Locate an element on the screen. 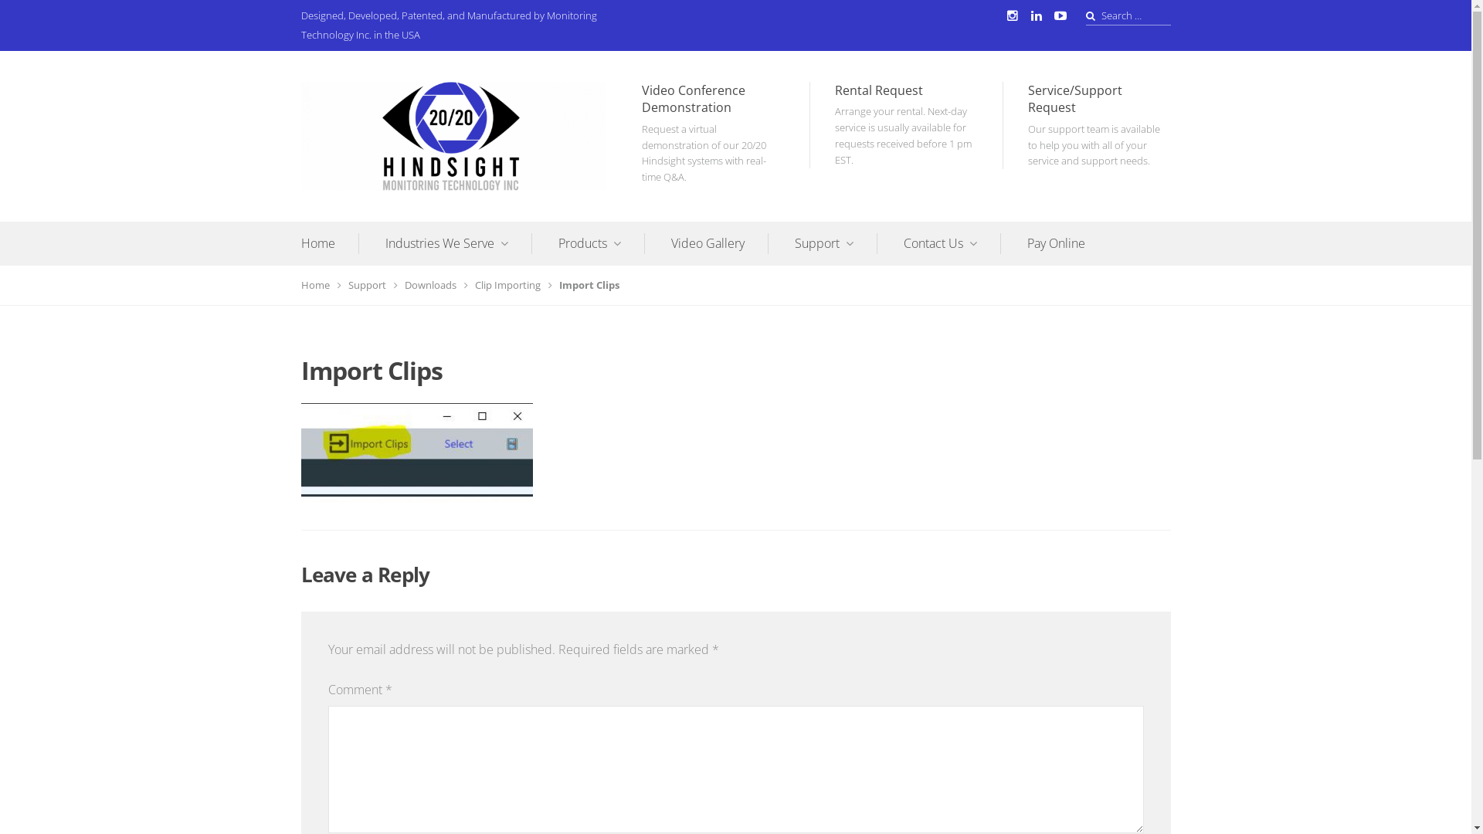  'Industries We Serve' is located at coordinates (457, 243).